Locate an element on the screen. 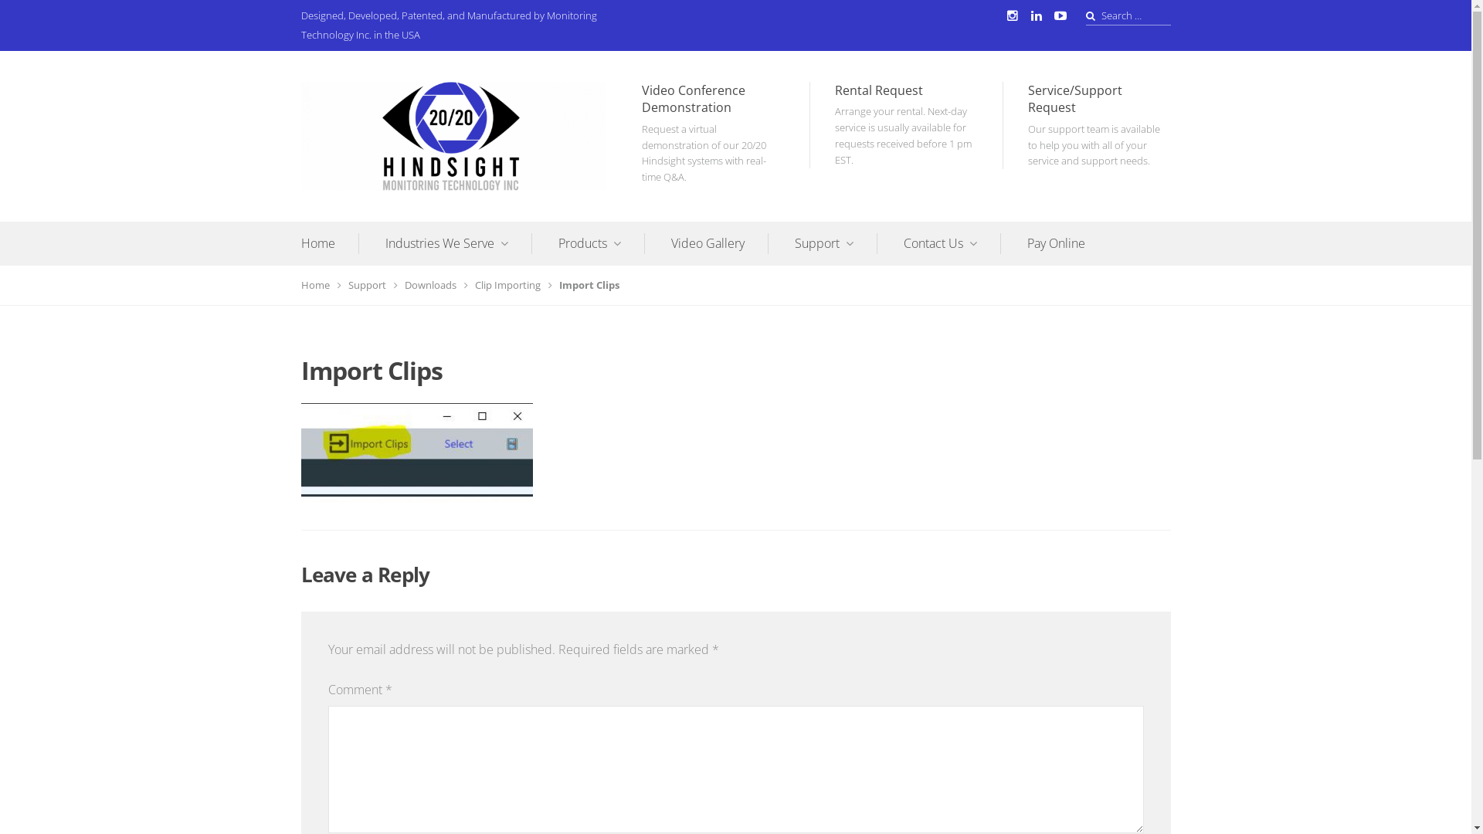  'Industries We Serve' is located at coordinates (457, 243).